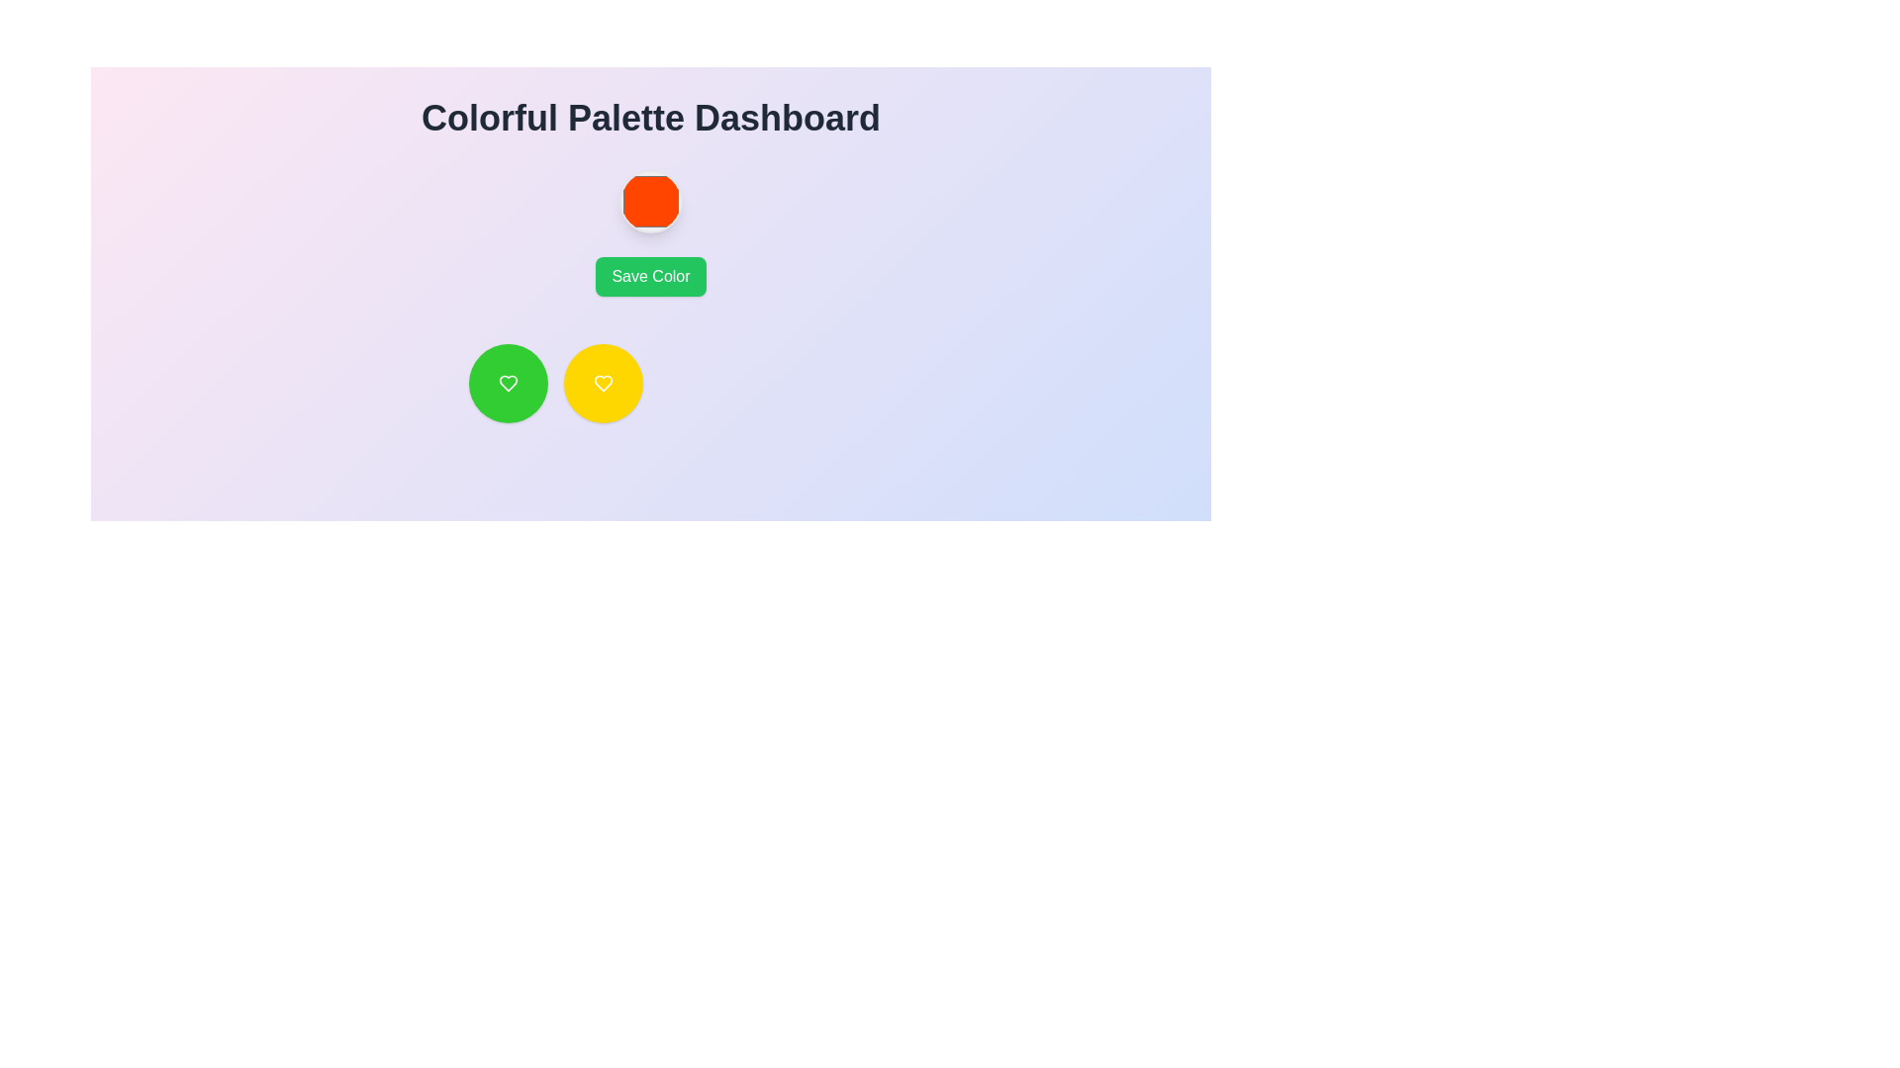  I want to click on the heart-shaped icon within the green circular button located in the bottom-left section of the interface layout, so click(508, 384).